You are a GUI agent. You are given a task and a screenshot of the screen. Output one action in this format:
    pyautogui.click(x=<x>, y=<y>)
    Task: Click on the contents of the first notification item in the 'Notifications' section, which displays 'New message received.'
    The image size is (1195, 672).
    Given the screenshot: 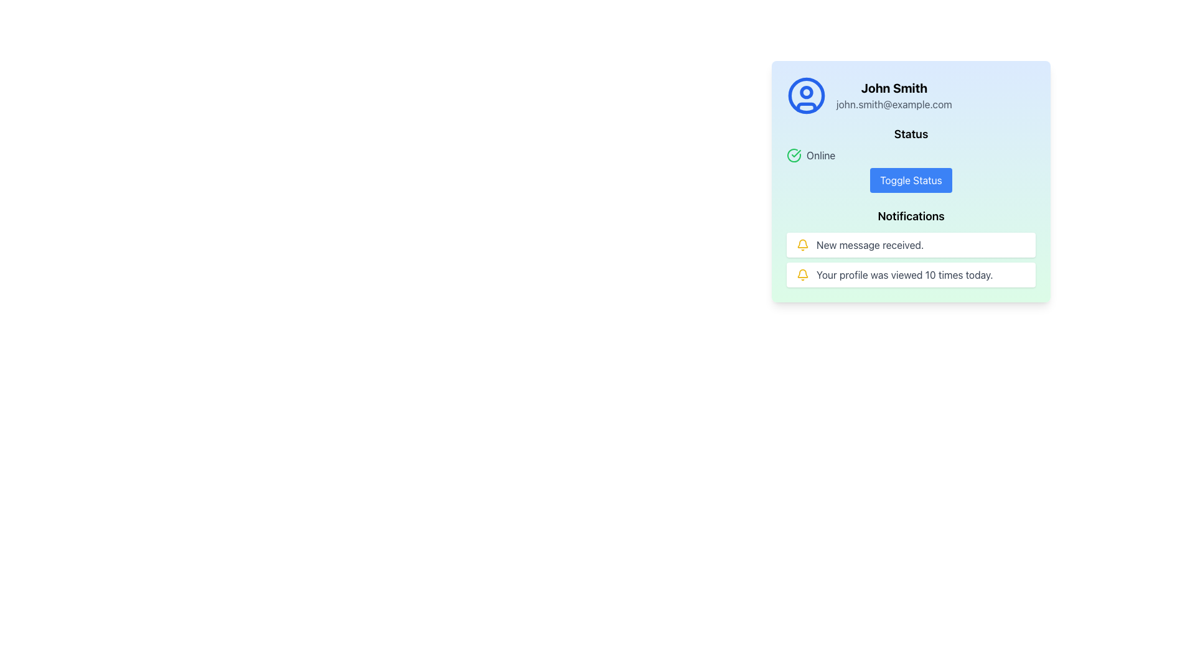 What is the action you would take?
    pyautogui.click(x=911, y=247)
    